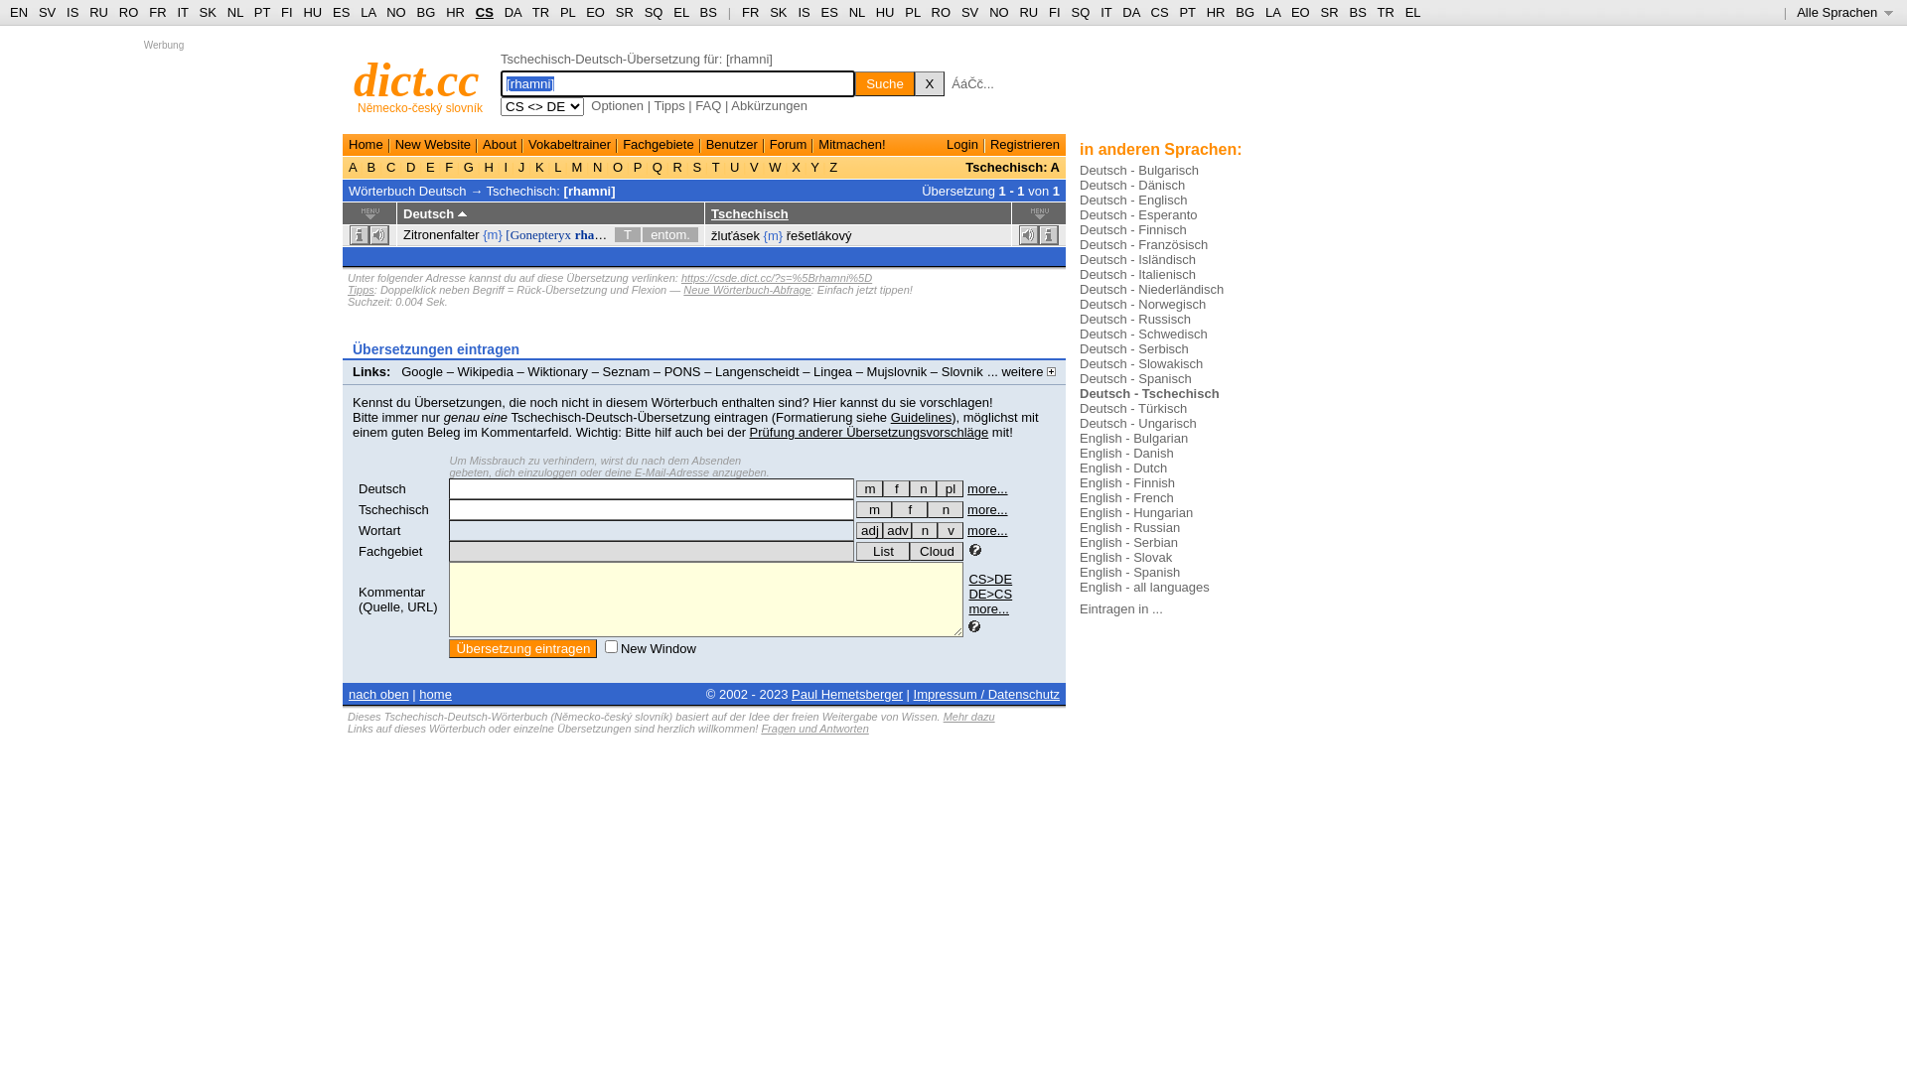  I want to click on 'A', so click(354, 166).